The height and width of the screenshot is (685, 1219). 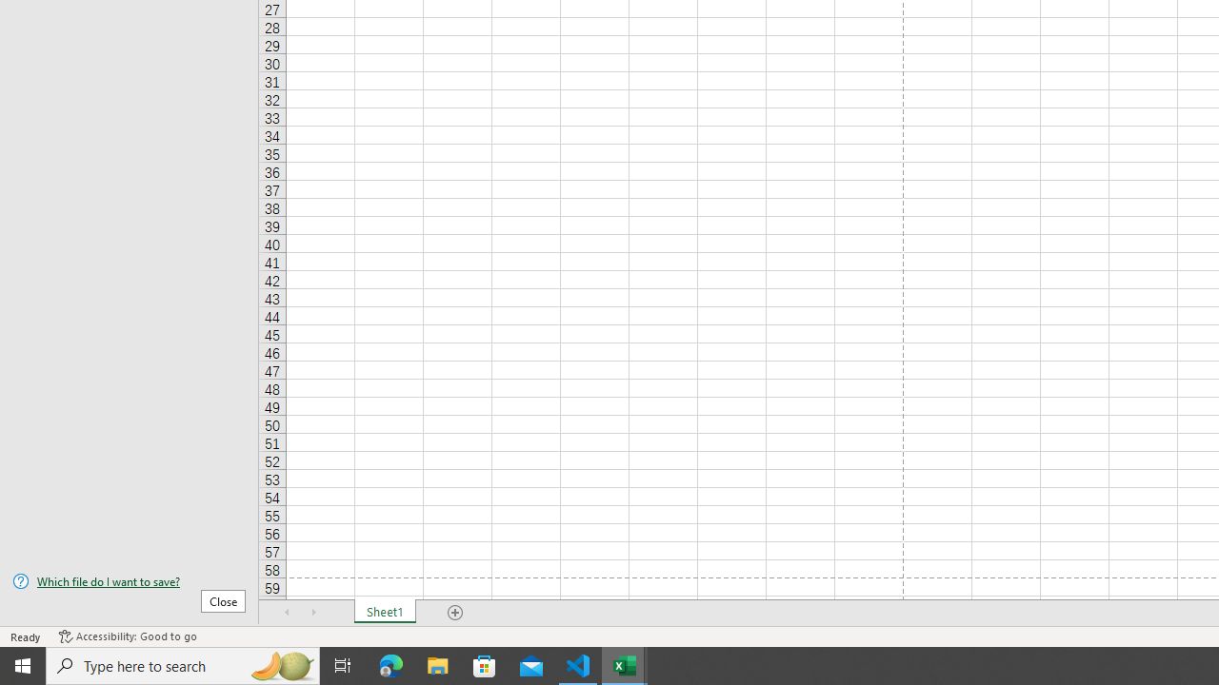 I want to click on 'Task View', so click(x=342, y=664).